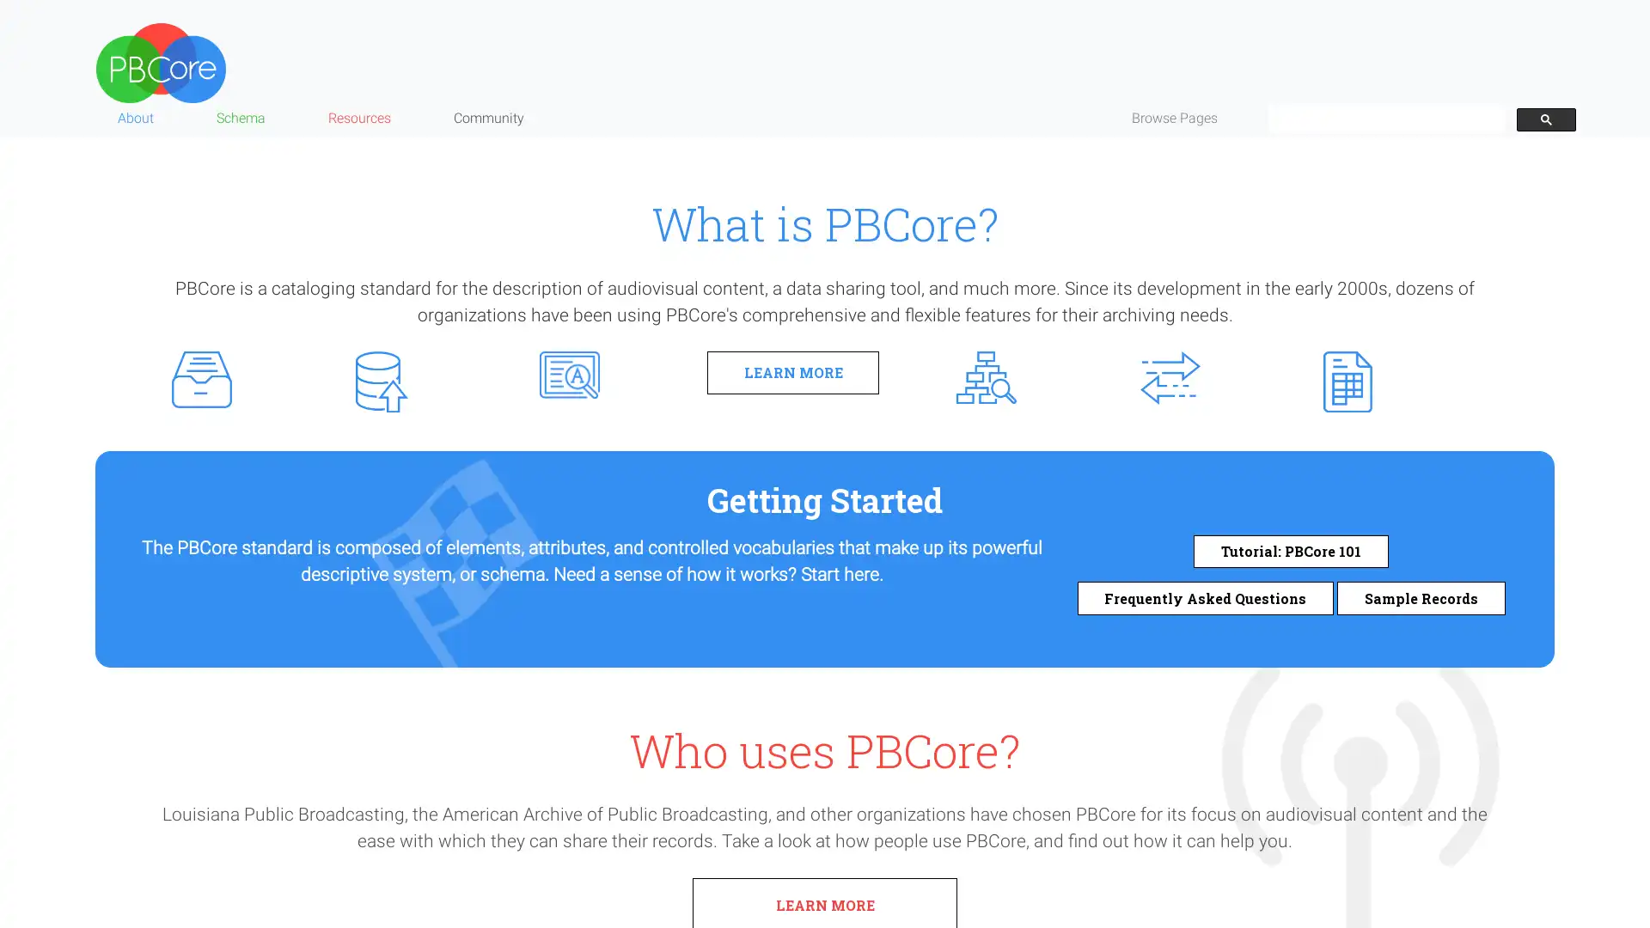  I want to click on search, so click(1546, 118).